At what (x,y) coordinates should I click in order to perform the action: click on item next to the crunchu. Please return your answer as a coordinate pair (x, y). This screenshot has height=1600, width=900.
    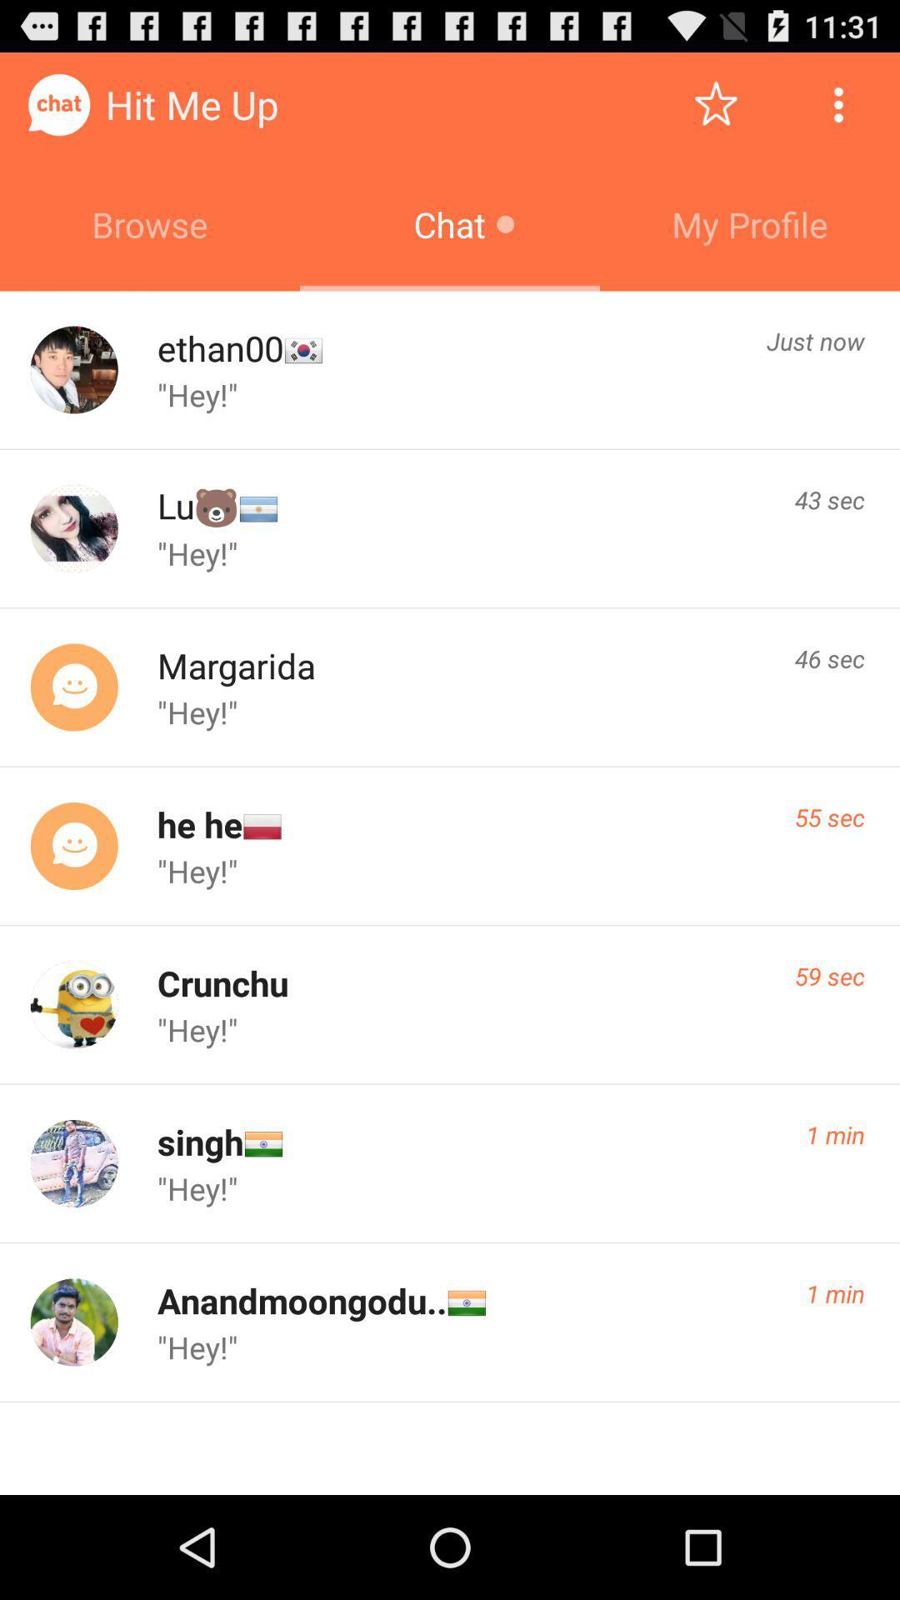
    Looking at the image, I should click on (829, 976).